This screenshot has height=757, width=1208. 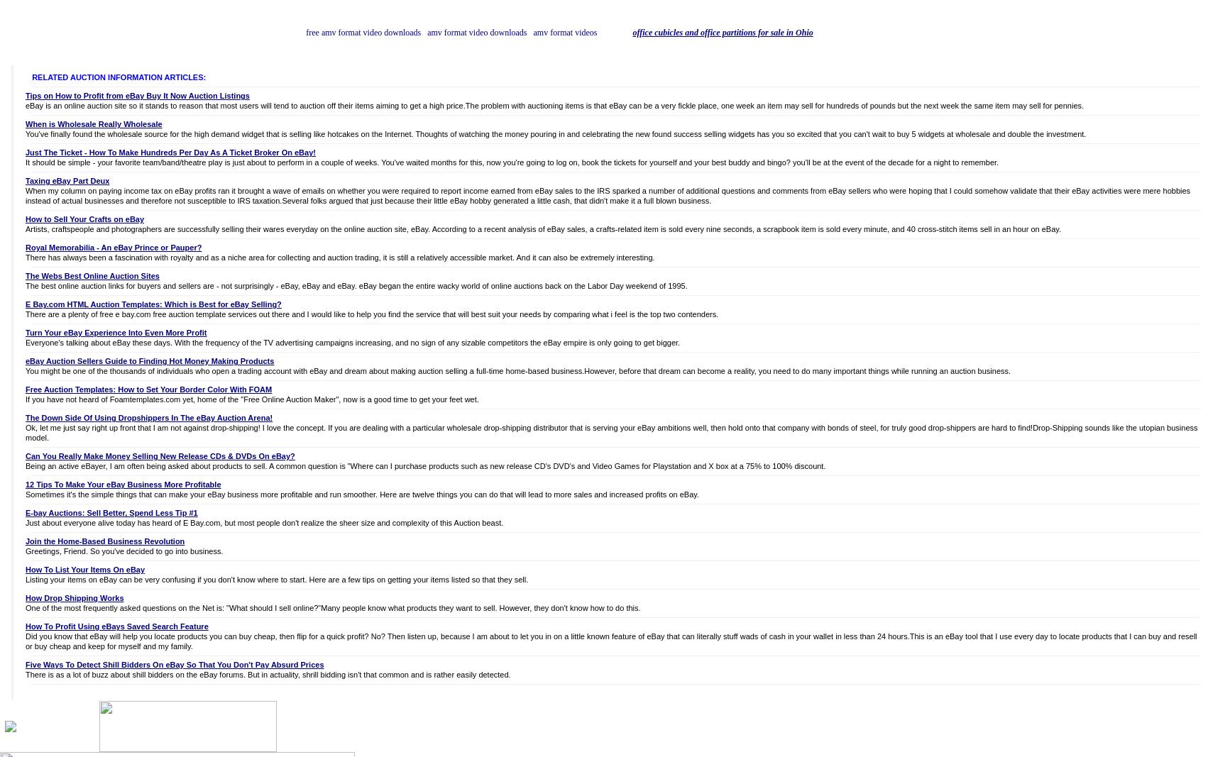 What do you see at coordinates (104, 541) in the screenshot?
I see `'Join the Home-Based
        Business Revolution'` at bounding box center [104, 541].